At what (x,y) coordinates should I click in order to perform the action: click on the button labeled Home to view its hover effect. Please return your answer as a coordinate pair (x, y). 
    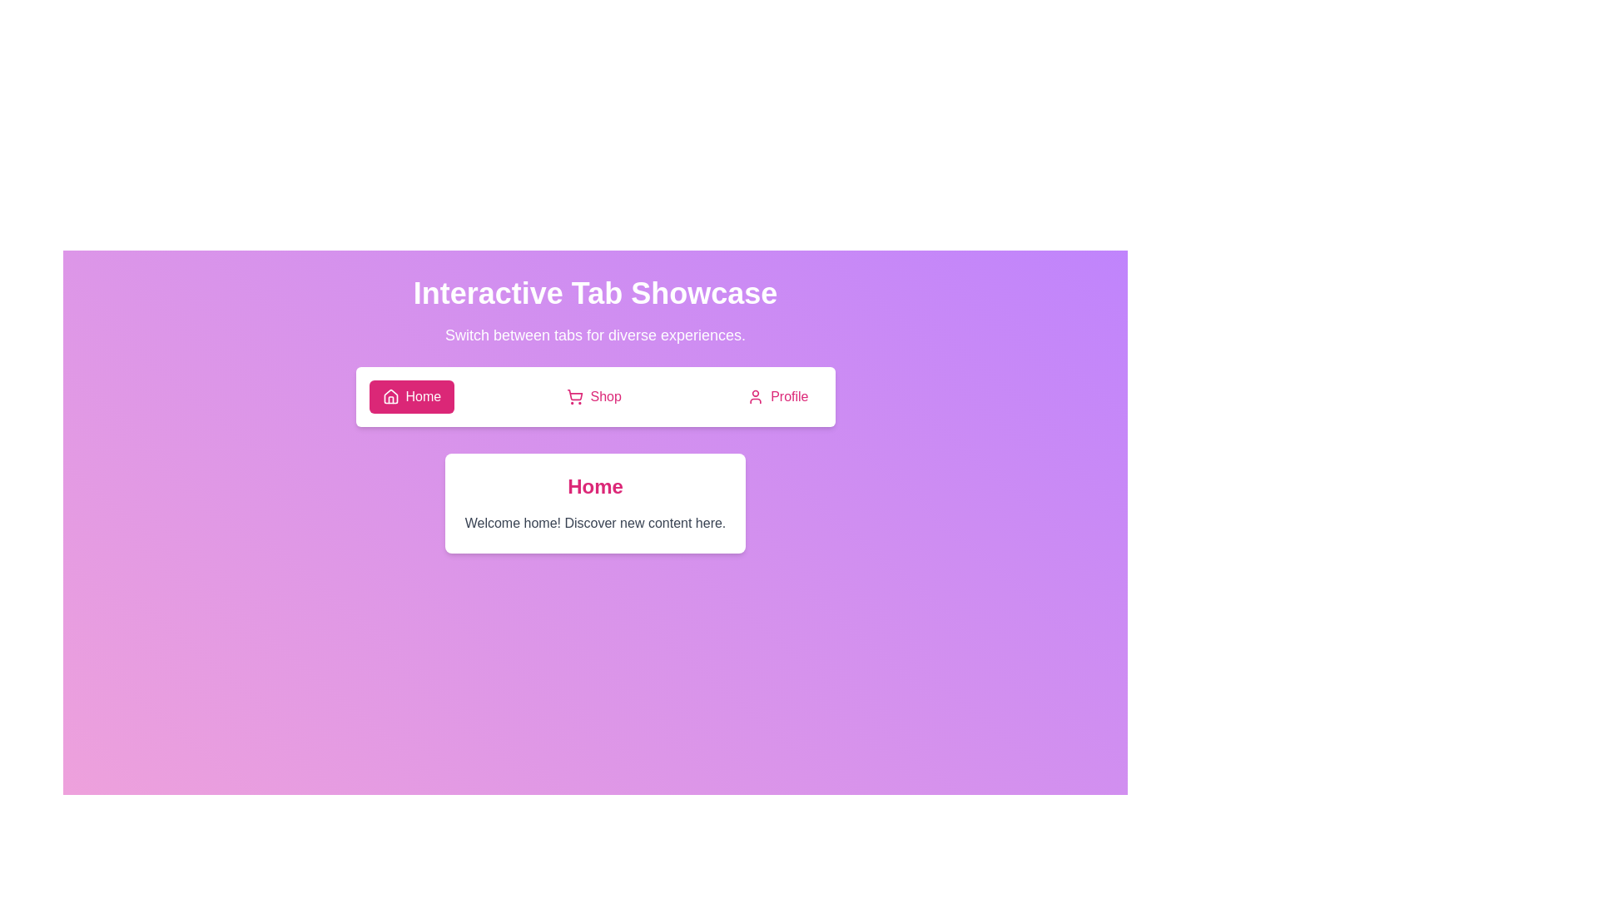
    Looking at the image, I should click on (411, 397).